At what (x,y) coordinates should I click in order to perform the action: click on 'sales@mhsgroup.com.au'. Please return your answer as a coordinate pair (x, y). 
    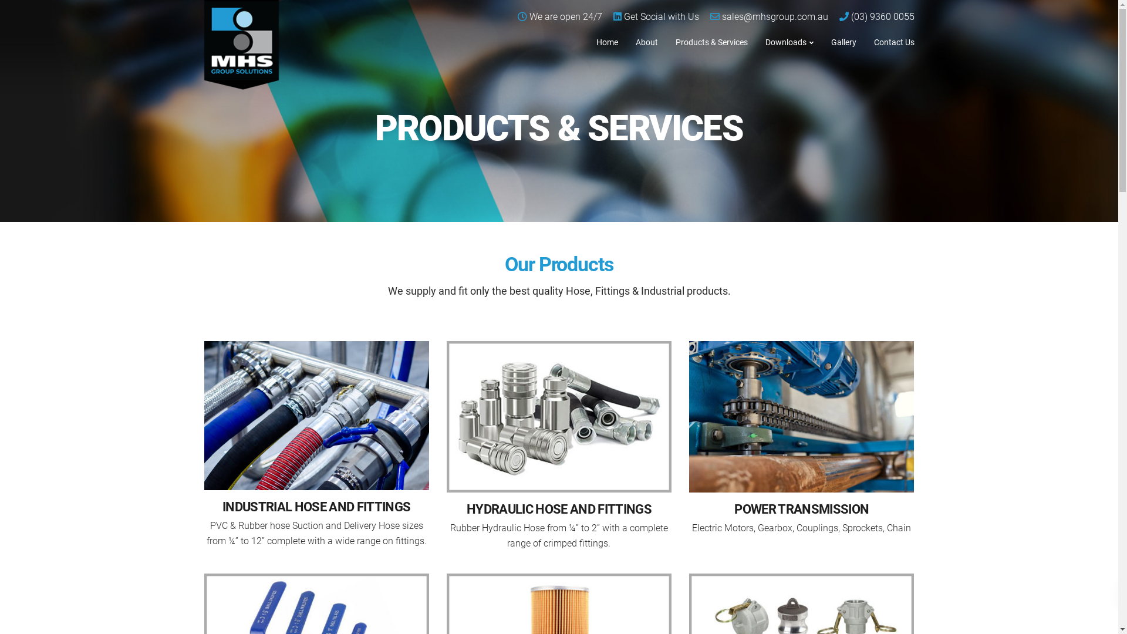
    Looking at the image, I should click on (775, 16).